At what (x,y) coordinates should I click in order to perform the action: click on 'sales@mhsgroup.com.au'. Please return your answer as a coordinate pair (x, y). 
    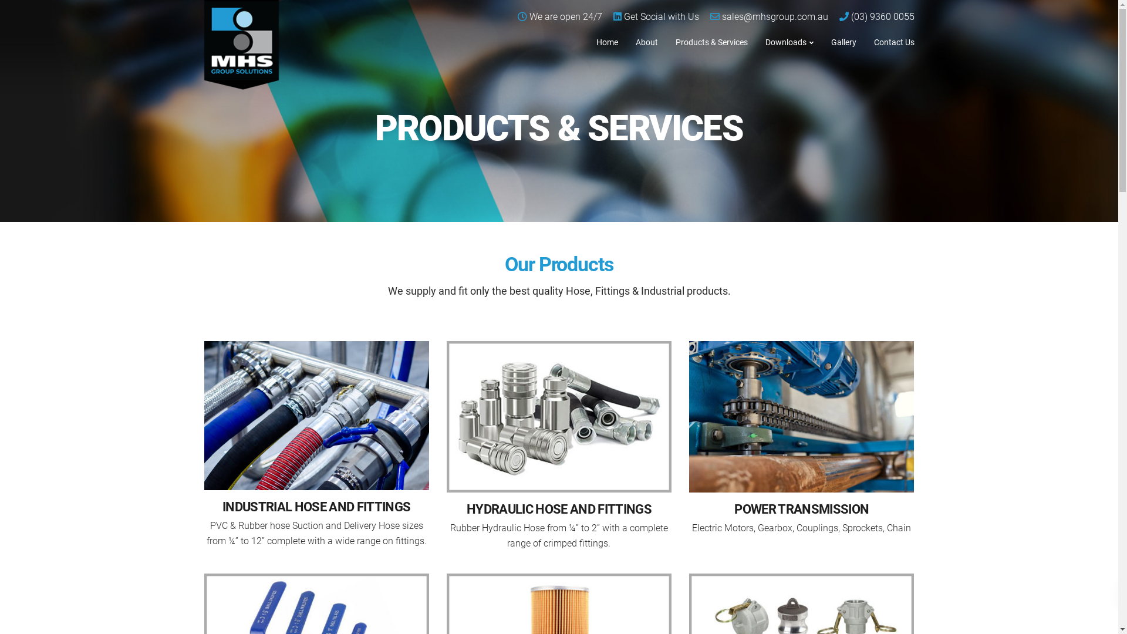
    Looking at the image, I should click on (775, 16).